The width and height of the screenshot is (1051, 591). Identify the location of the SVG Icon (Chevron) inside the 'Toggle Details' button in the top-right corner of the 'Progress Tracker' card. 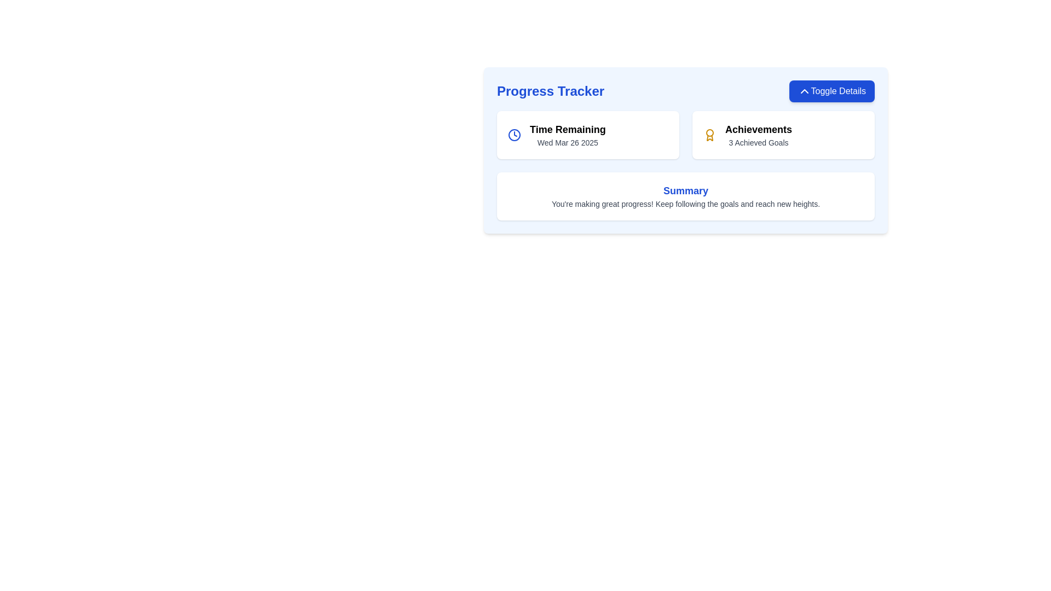
(804, 90).